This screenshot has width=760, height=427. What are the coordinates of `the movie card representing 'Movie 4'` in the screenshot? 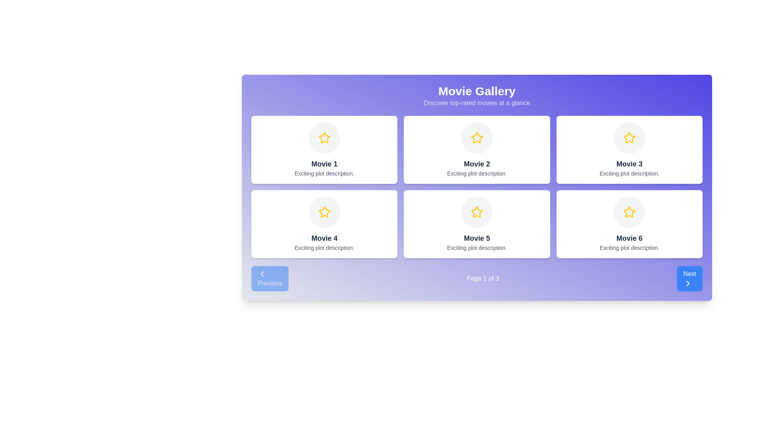 It's located at (324, 224).